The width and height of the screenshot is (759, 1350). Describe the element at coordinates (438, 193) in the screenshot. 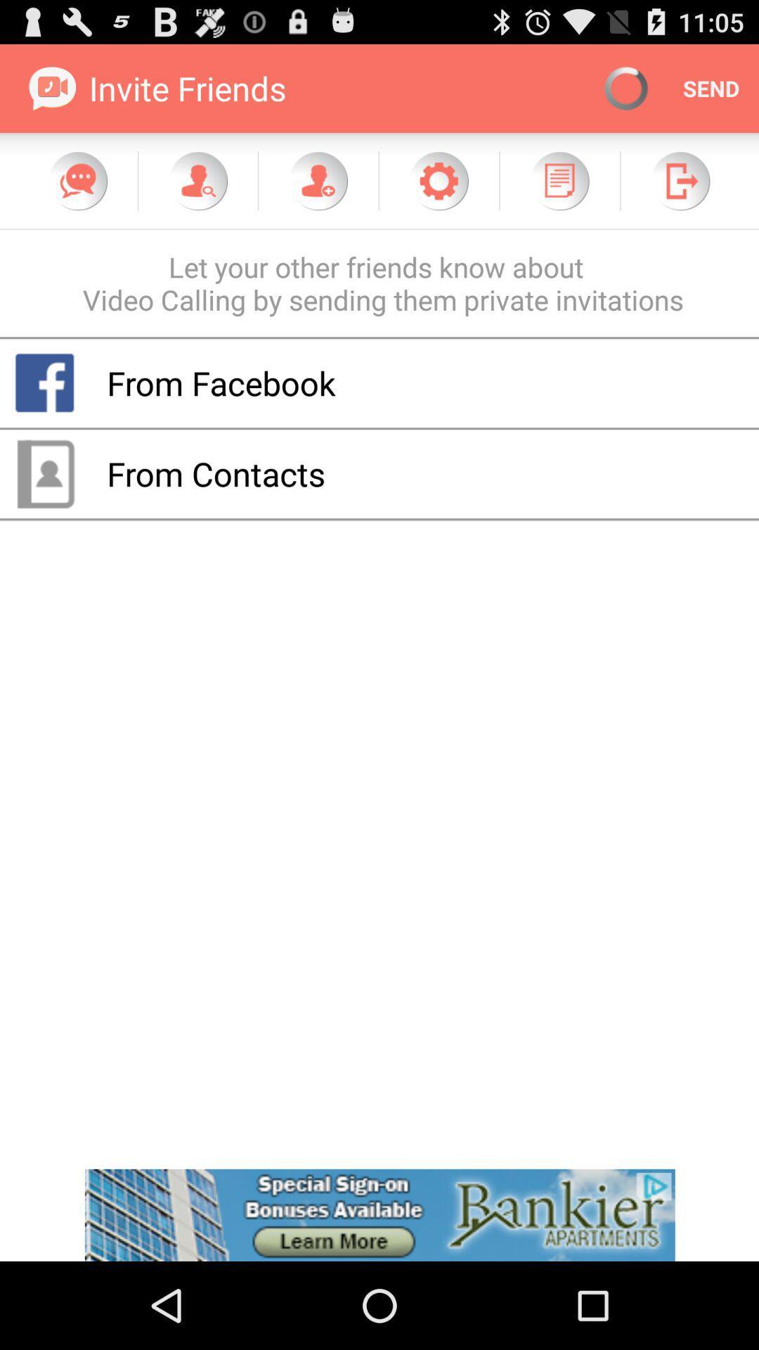

I see `the settings icon` at that location.